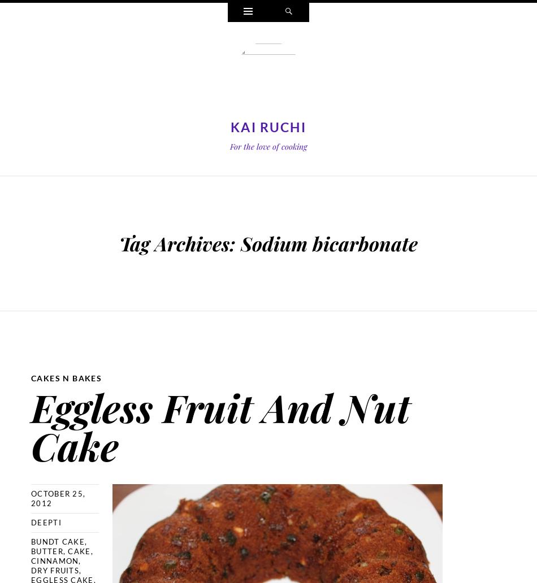  Describe the element at coordinates (31, 541) in the screenshot. I see `'Bundt cake'` at that location.